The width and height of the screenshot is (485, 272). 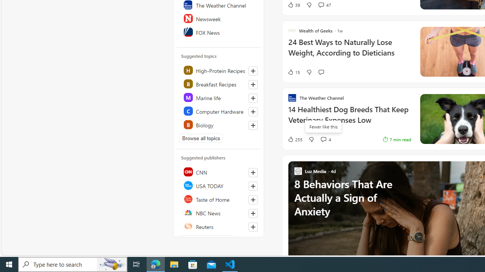 What do you see at coordinates (293, 5) in the screenshot?
I see `'39 Like'` at bounding box center [293, 5].